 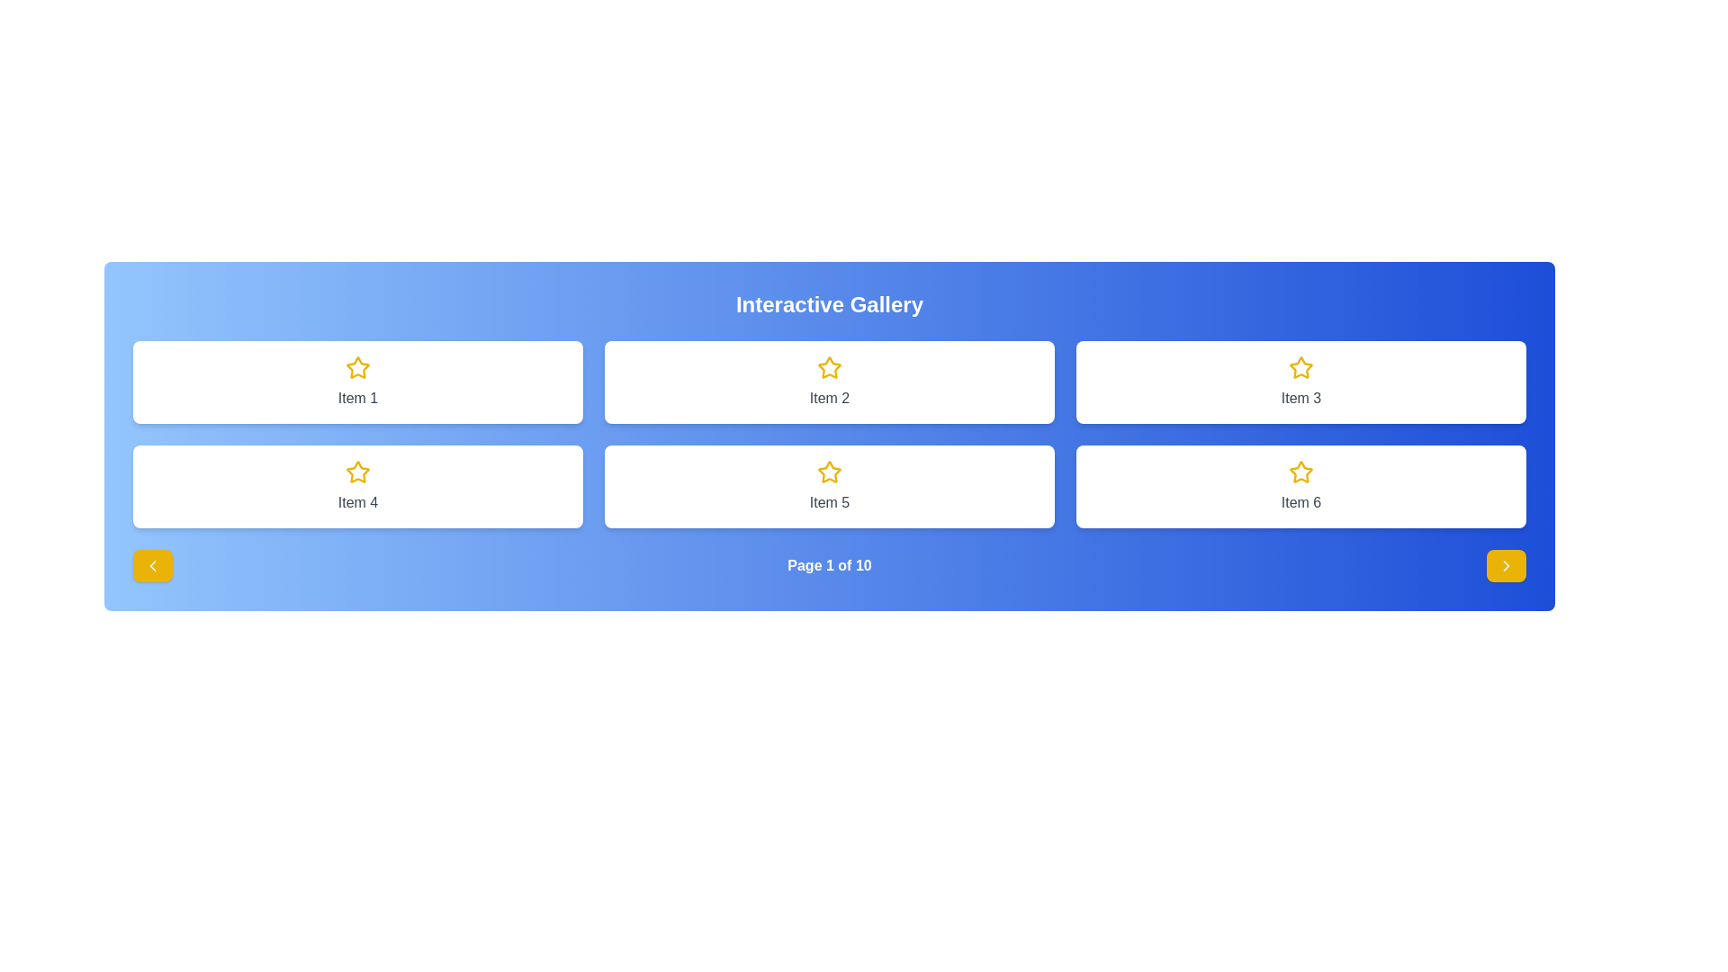 I want to click on to select the Card with icon and text located in the first column of the upper row of the grid layout, so click(x=358, y=381).